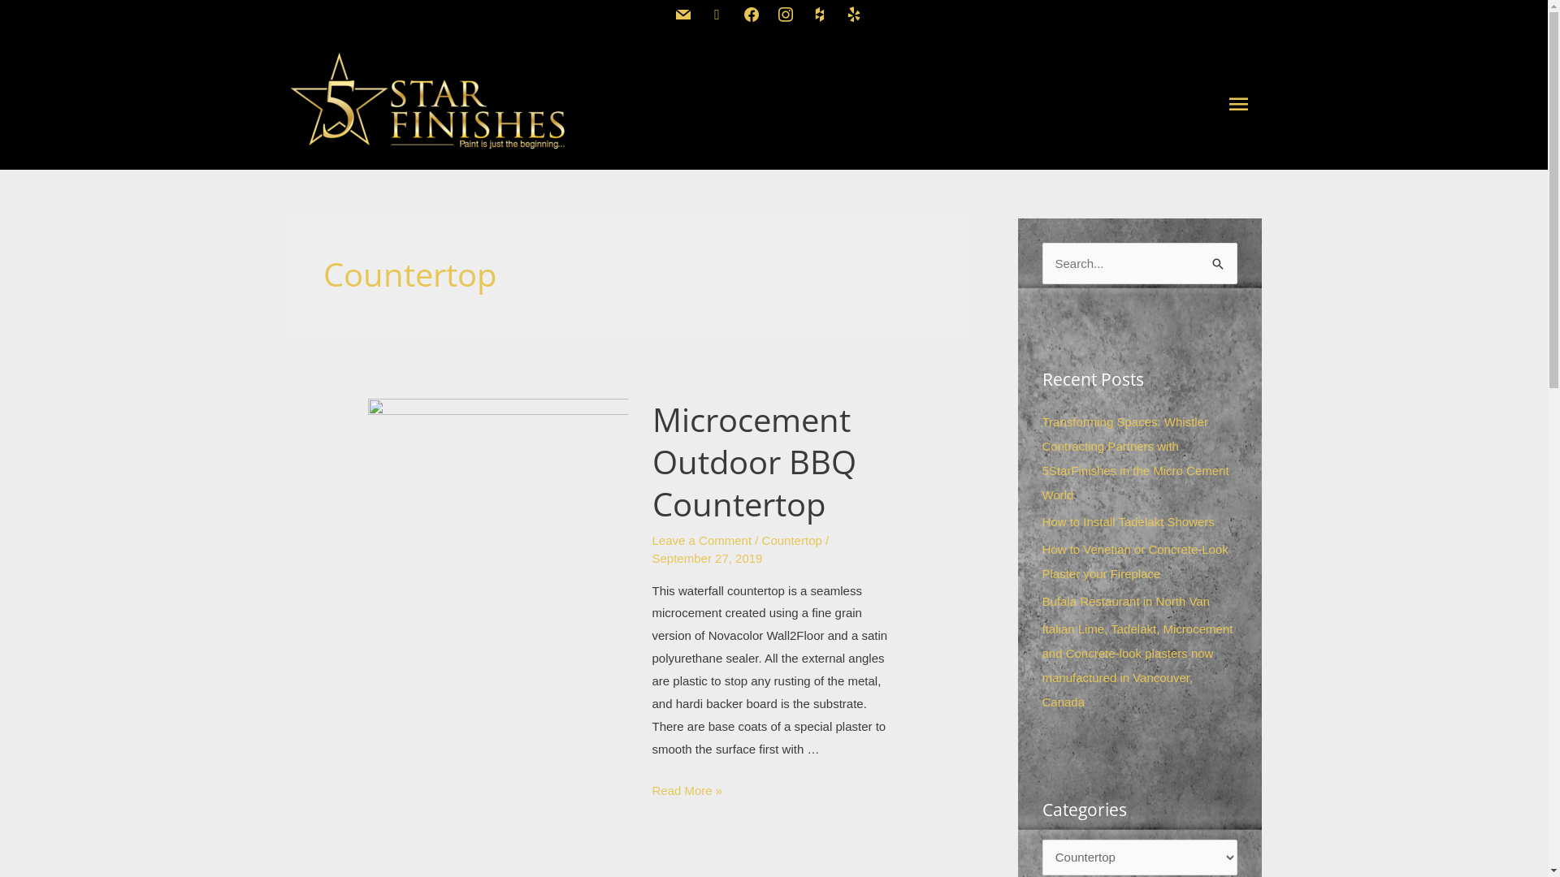  What do you see at coordinates (1133, 560) in the screenshot?
I see `'How to Venetian or Concrete-Look Plaster your Fireplace'` at bounding box center [1133, 560].